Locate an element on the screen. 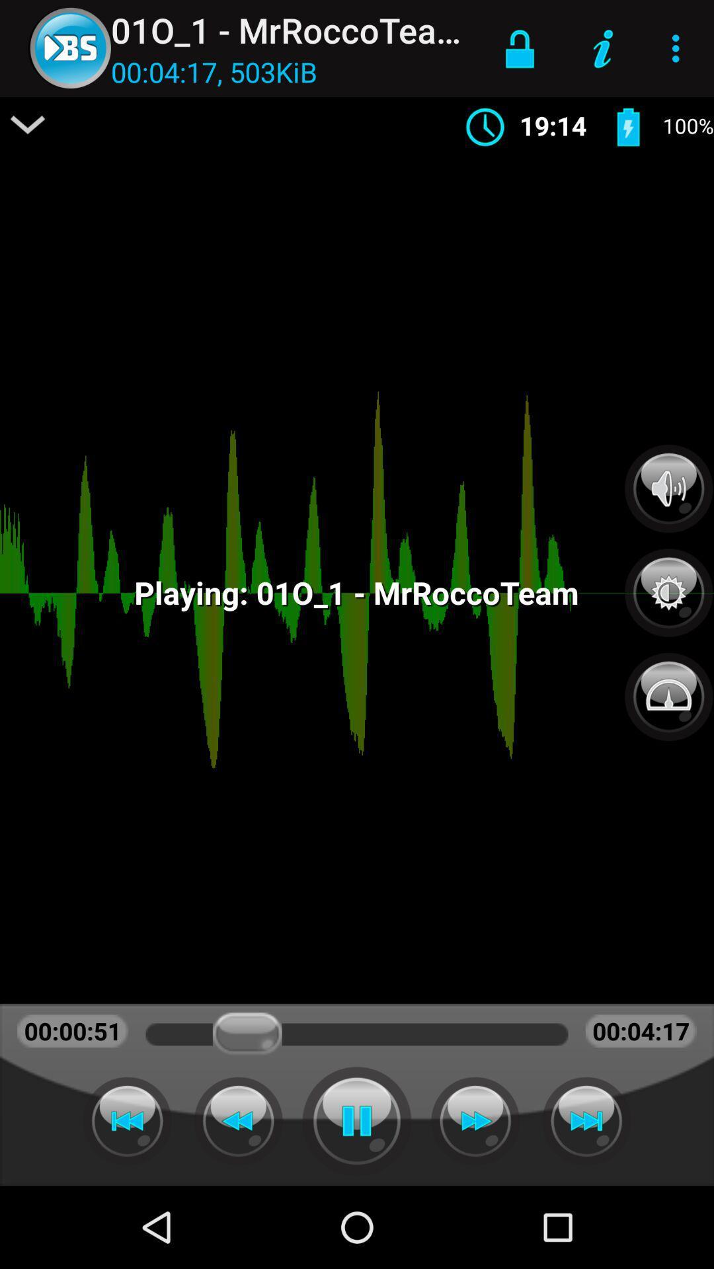 This screenshot has width=714, height=1269. fast forward is located at coordinates (475, 1120).